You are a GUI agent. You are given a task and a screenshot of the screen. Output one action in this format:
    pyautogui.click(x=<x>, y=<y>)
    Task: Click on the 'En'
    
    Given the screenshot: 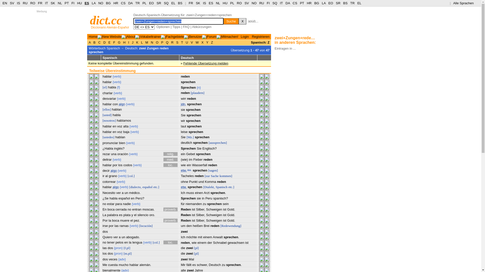 What is the action you would take?
    pyautogui.click(x=104, y=209)
    